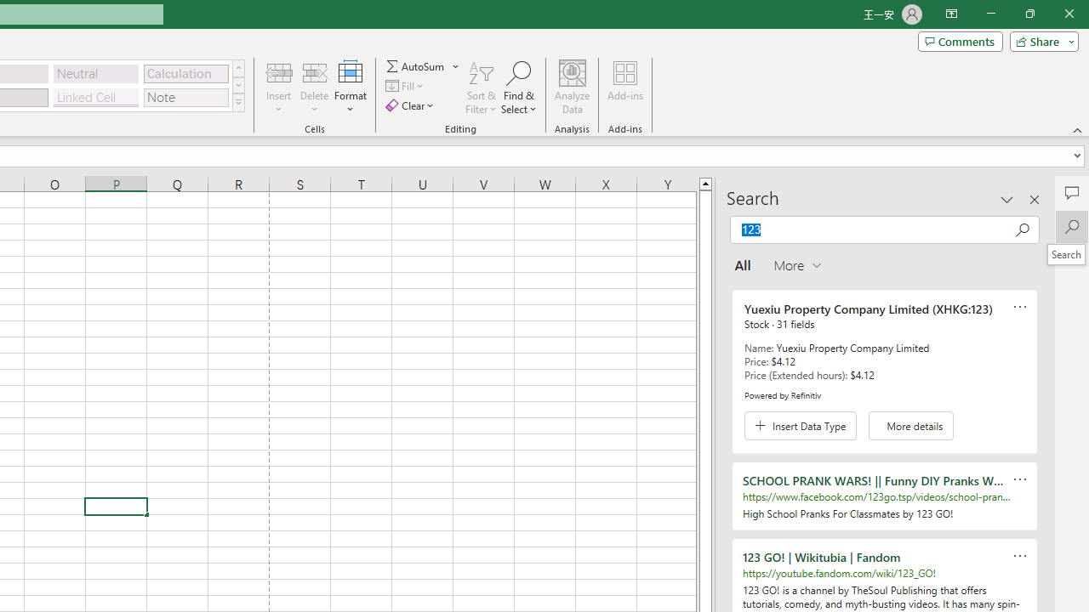 This screenshot has width=1089, height=612. I want to click on 'Delete', so click(314, 88).